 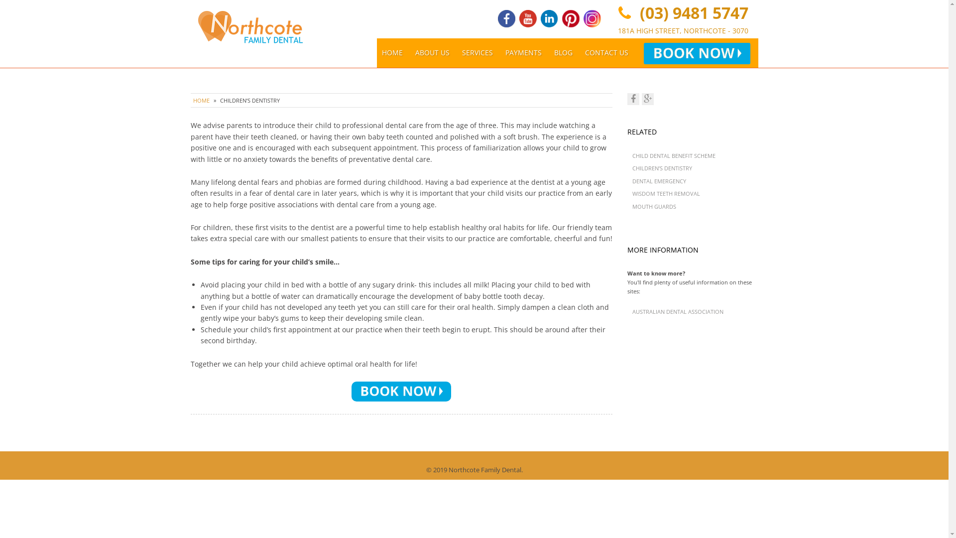 I want to click on 'CONTACT US', so click(x=606, y=52).